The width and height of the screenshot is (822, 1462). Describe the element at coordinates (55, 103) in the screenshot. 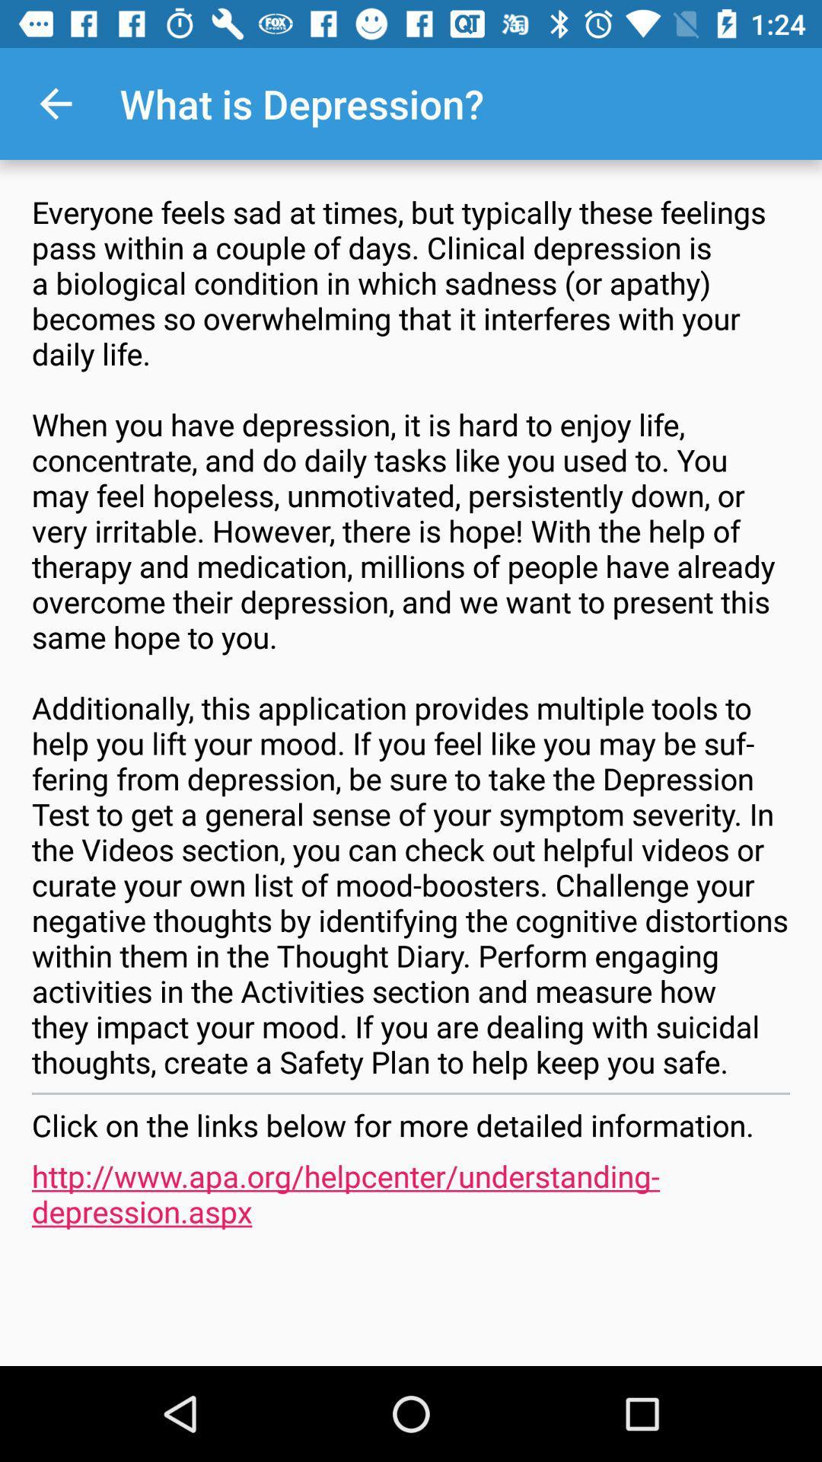

I see `the item to the left of what is depression?  app` at that location.